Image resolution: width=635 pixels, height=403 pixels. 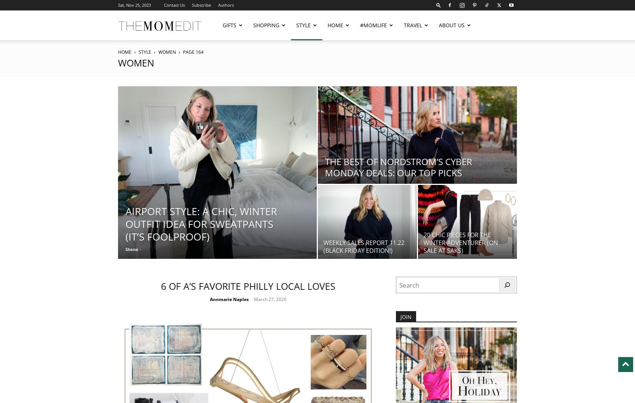 I want to click on 'Search', so click(x=317, y=38).